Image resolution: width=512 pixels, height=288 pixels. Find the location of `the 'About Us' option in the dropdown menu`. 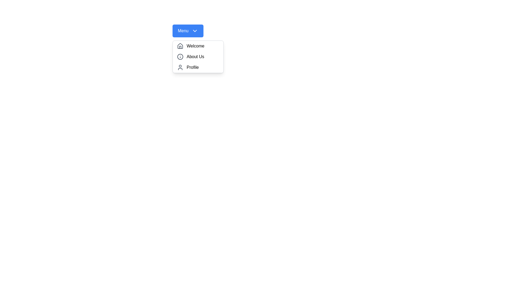

the 'About Us' option in the dropdown menu is located at coordinates (198, 57).